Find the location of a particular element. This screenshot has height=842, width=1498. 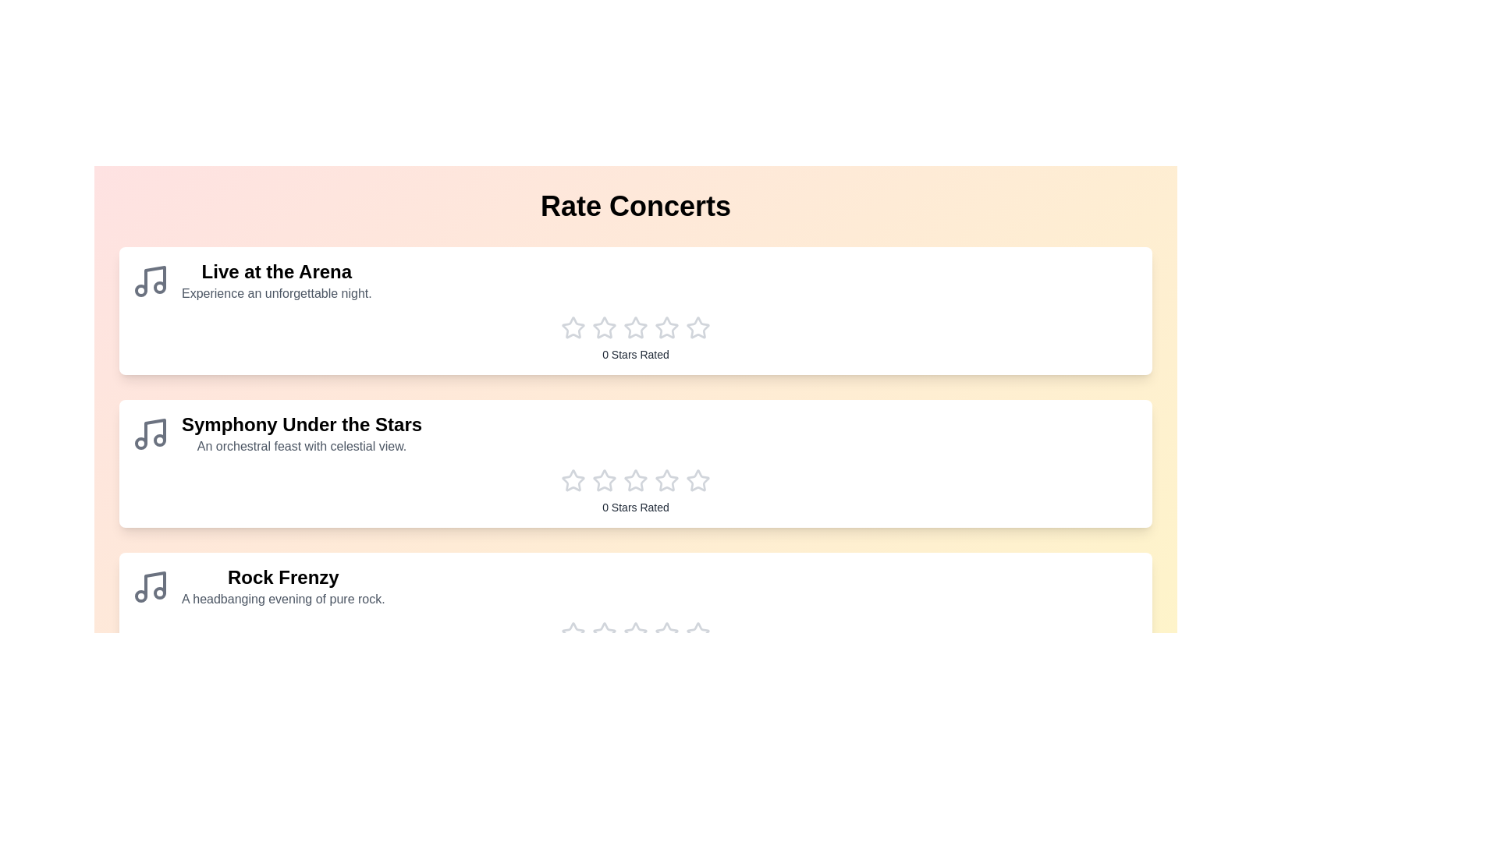

the star corresponding to the rating 3 for the concert Rock Frenzy is located at coordinates (636, 634).